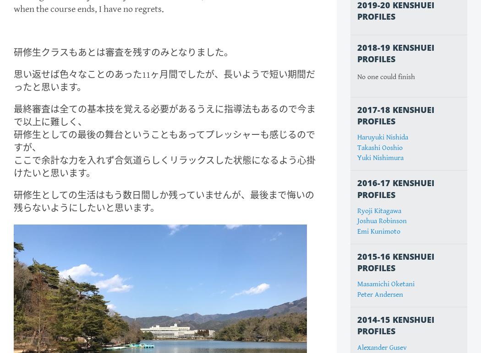  What do you see at coordinates (382, 347) in the screenshot?
I see `'Alexander Gusev'` at bounding box center [382, 347].